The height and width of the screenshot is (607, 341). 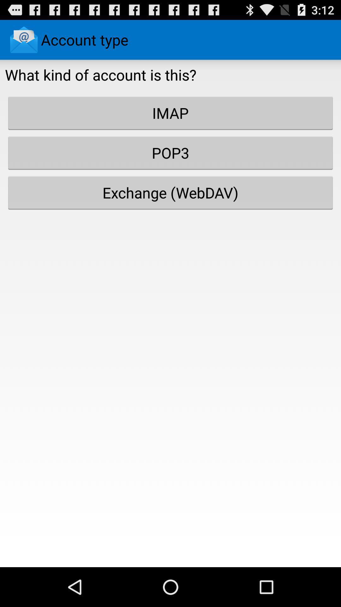 I want to click on the exchange (webdav), so click(x=170, y=192).